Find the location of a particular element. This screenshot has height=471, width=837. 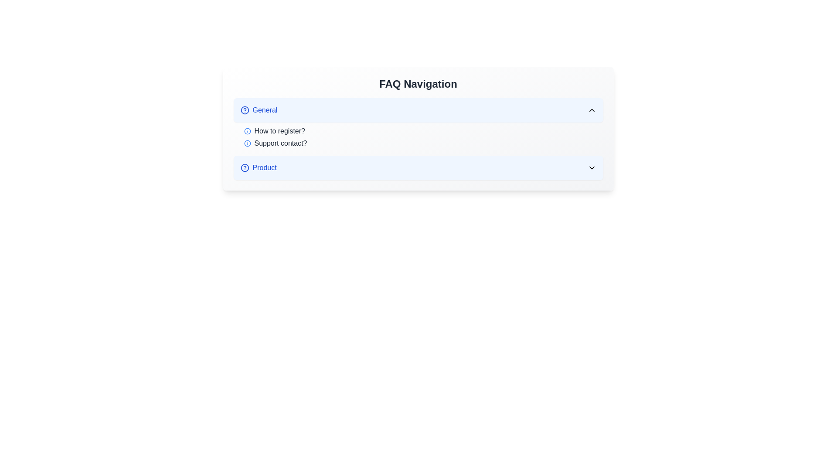

the downward-pointing chevron icon located at the far right of the 'Product' section is located at coordinates (592, 168).